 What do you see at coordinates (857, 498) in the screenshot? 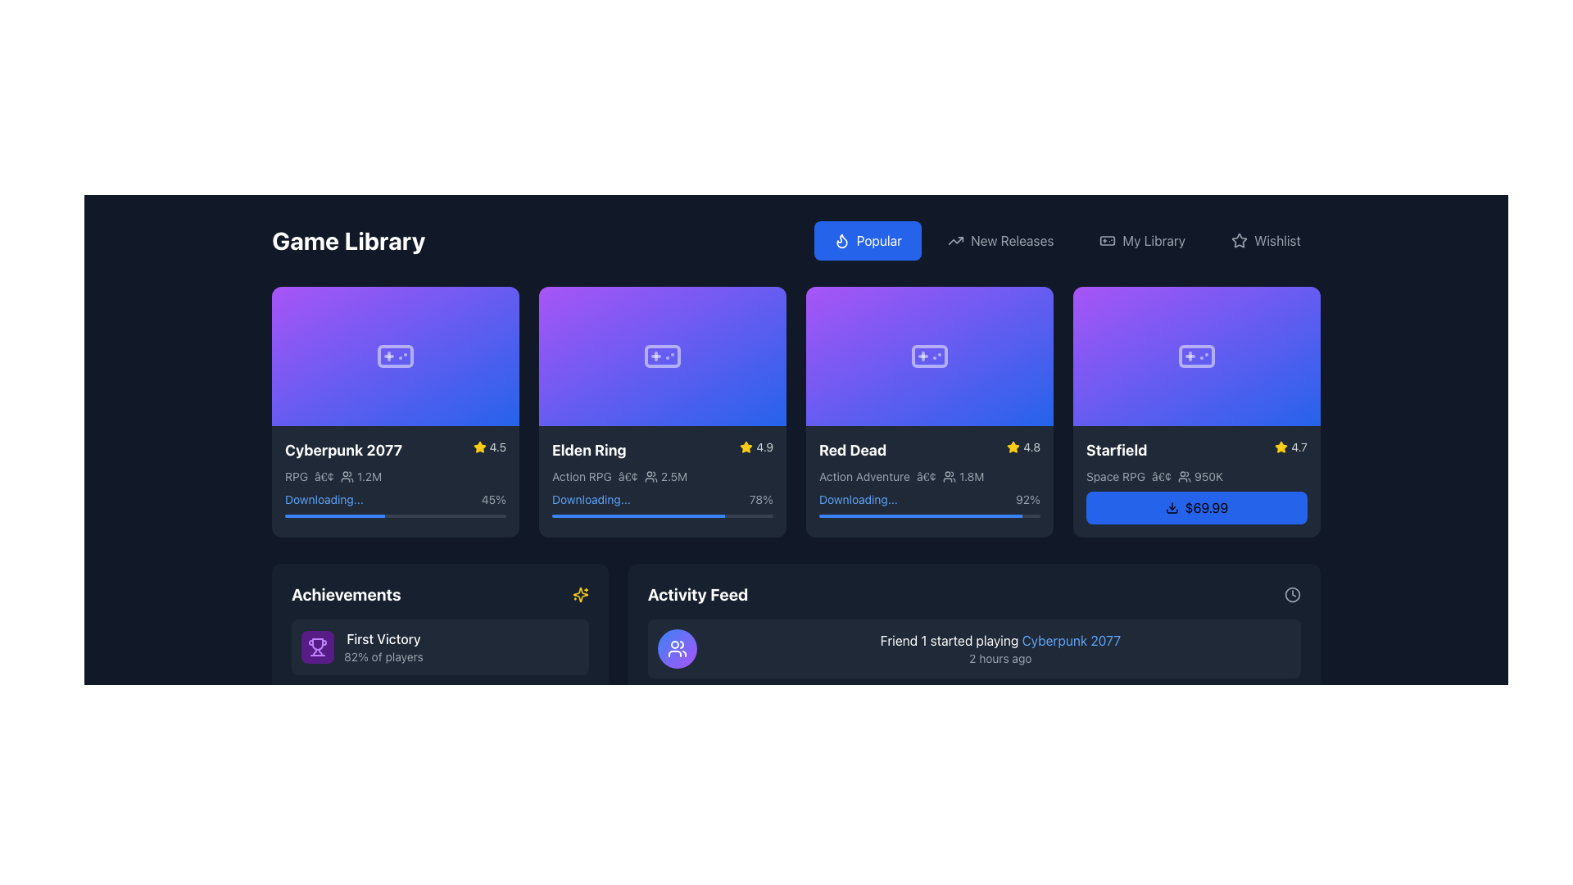
I see `the 'Downloading...' text label, which is styled in blue and located in the progress section of the third game card` at bounding box center [857, 498].